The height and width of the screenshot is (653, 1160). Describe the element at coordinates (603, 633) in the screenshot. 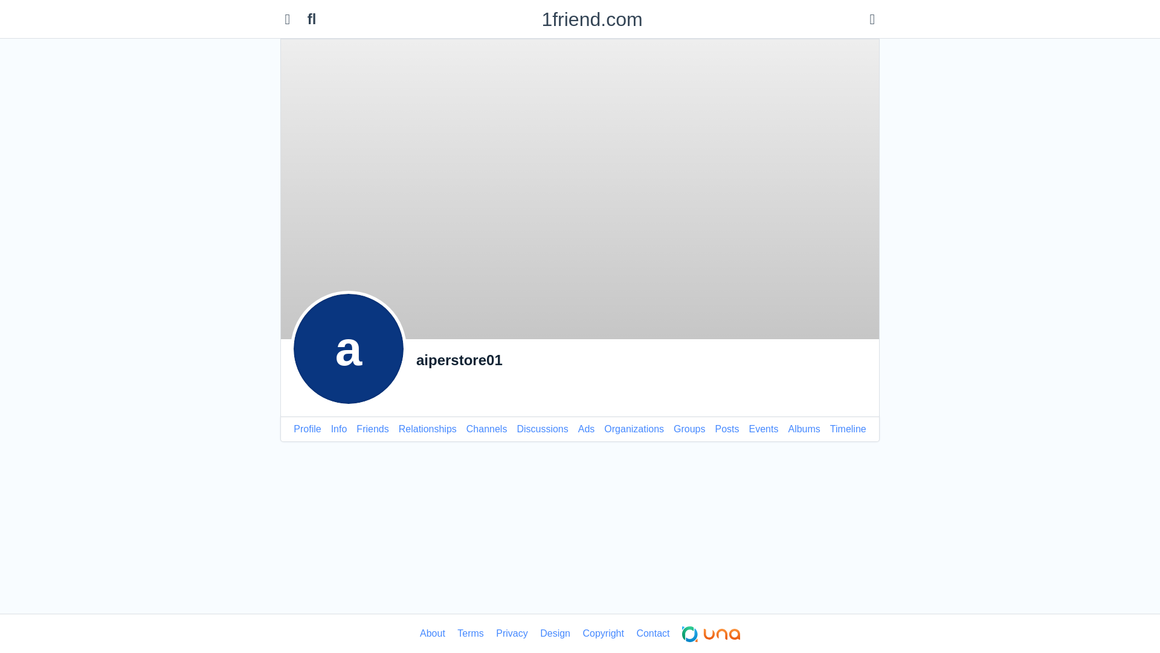

I see `'Copyright'` at that location.